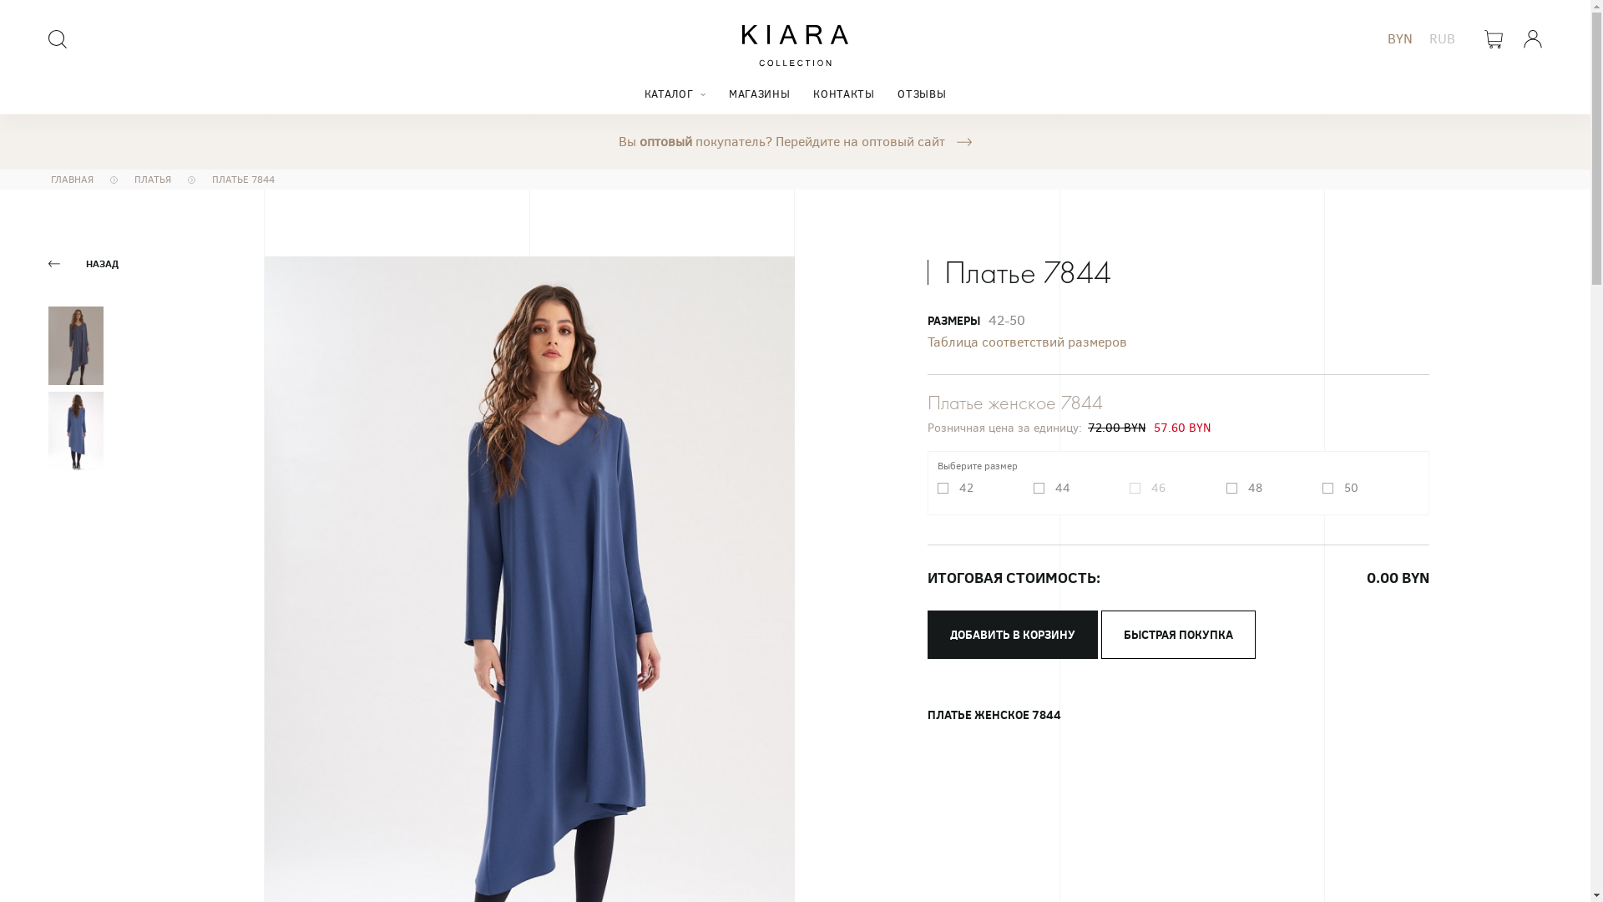 This screenshot has width=1603, height=902. I want to click on 'BYN', so click(1399, 38).